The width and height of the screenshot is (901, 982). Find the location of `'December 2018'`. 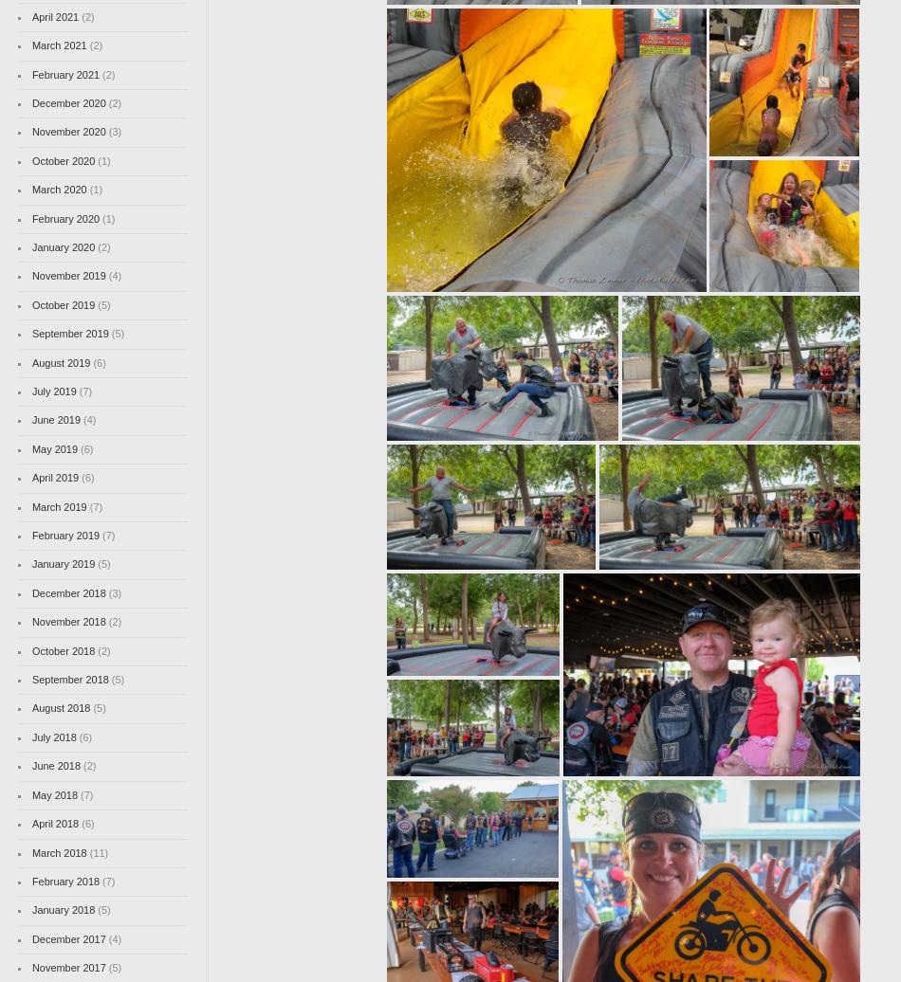

'December 2018' is located at coordinates (30, 592).